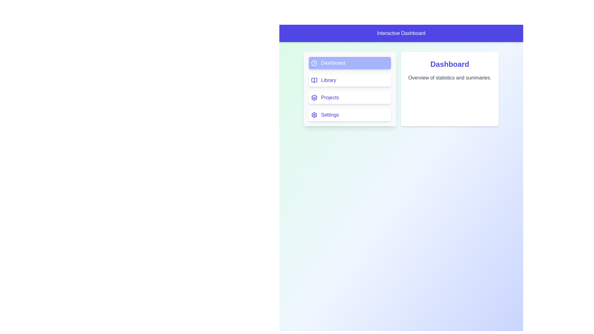 The width and height of the screenshot is (594, 334). I want to click on the tab Dashboard from the navigation menu, so click(350, 63).